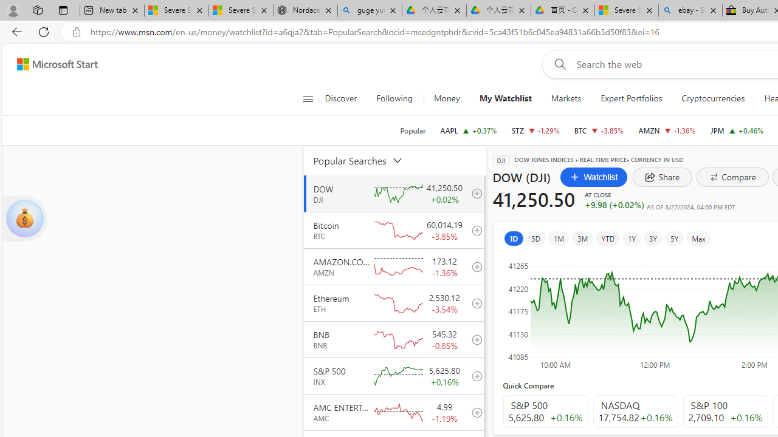 The image size is (778, 437). I want to click on 'My Watchlist', so click(505, 98).